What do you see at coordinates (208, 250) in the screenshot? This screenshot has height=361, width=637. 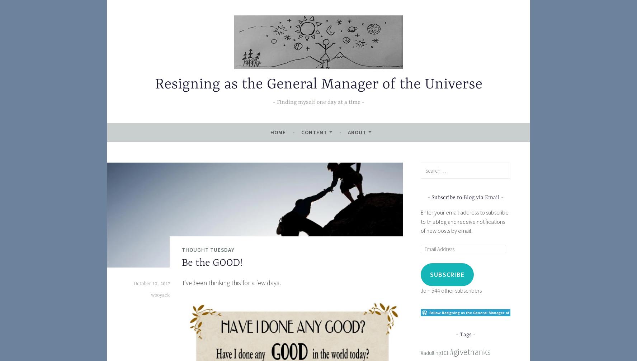 I see `'Thought Tuesday'` at bounding box center [208, 250].